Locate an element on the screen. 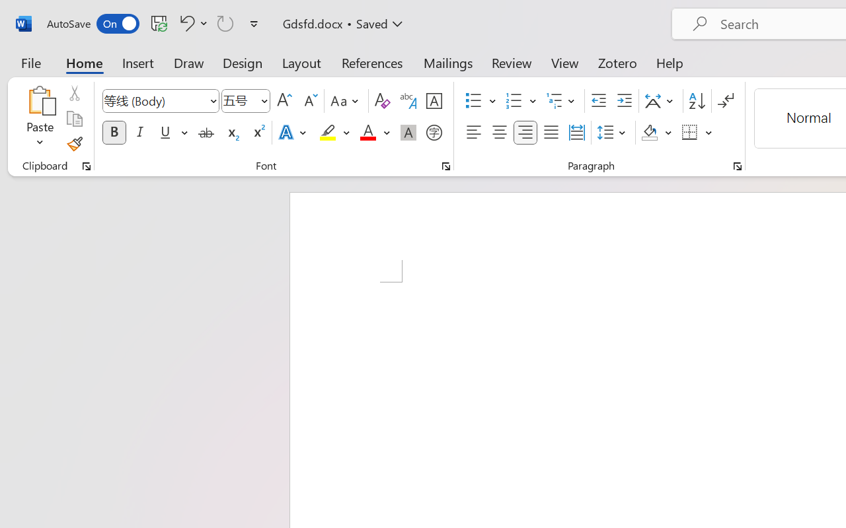 Image resolution: width=846 pixels, height=528 pixels. 'Text Effects and Typography' is located at coordinates (293, 133).